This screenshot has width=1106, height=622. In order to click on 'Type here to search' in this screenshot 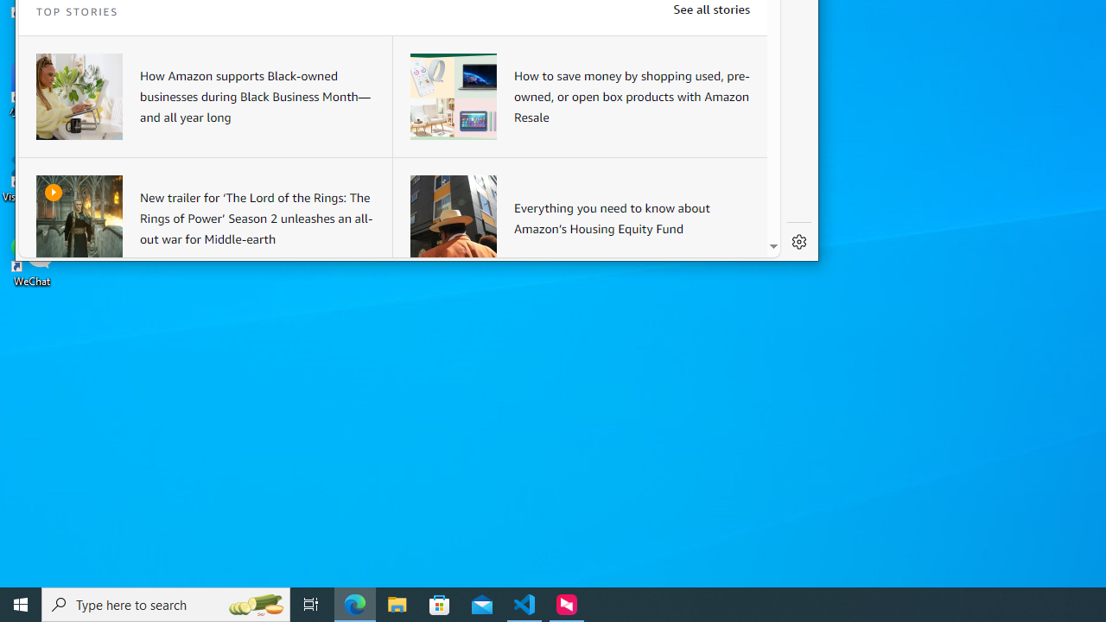, I will do `click(166, 603)`.